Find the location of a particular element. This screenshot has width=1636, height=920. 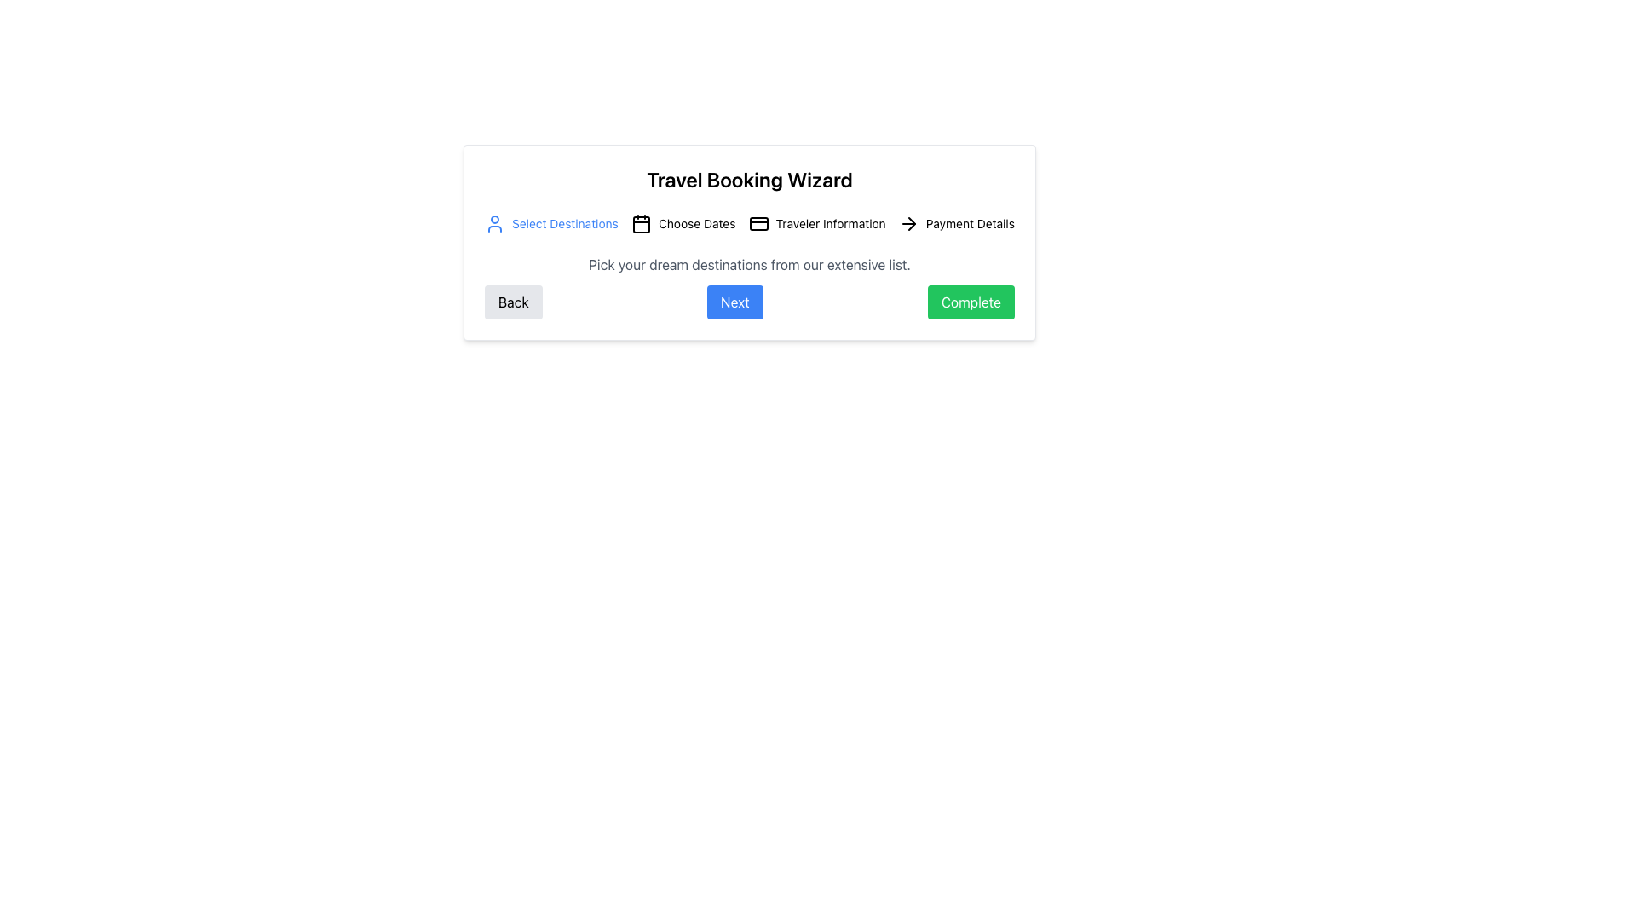

the internal day-view area of the calendar icon, which is centered within the calendar and visually distinct is located at coordinates (641, 223).